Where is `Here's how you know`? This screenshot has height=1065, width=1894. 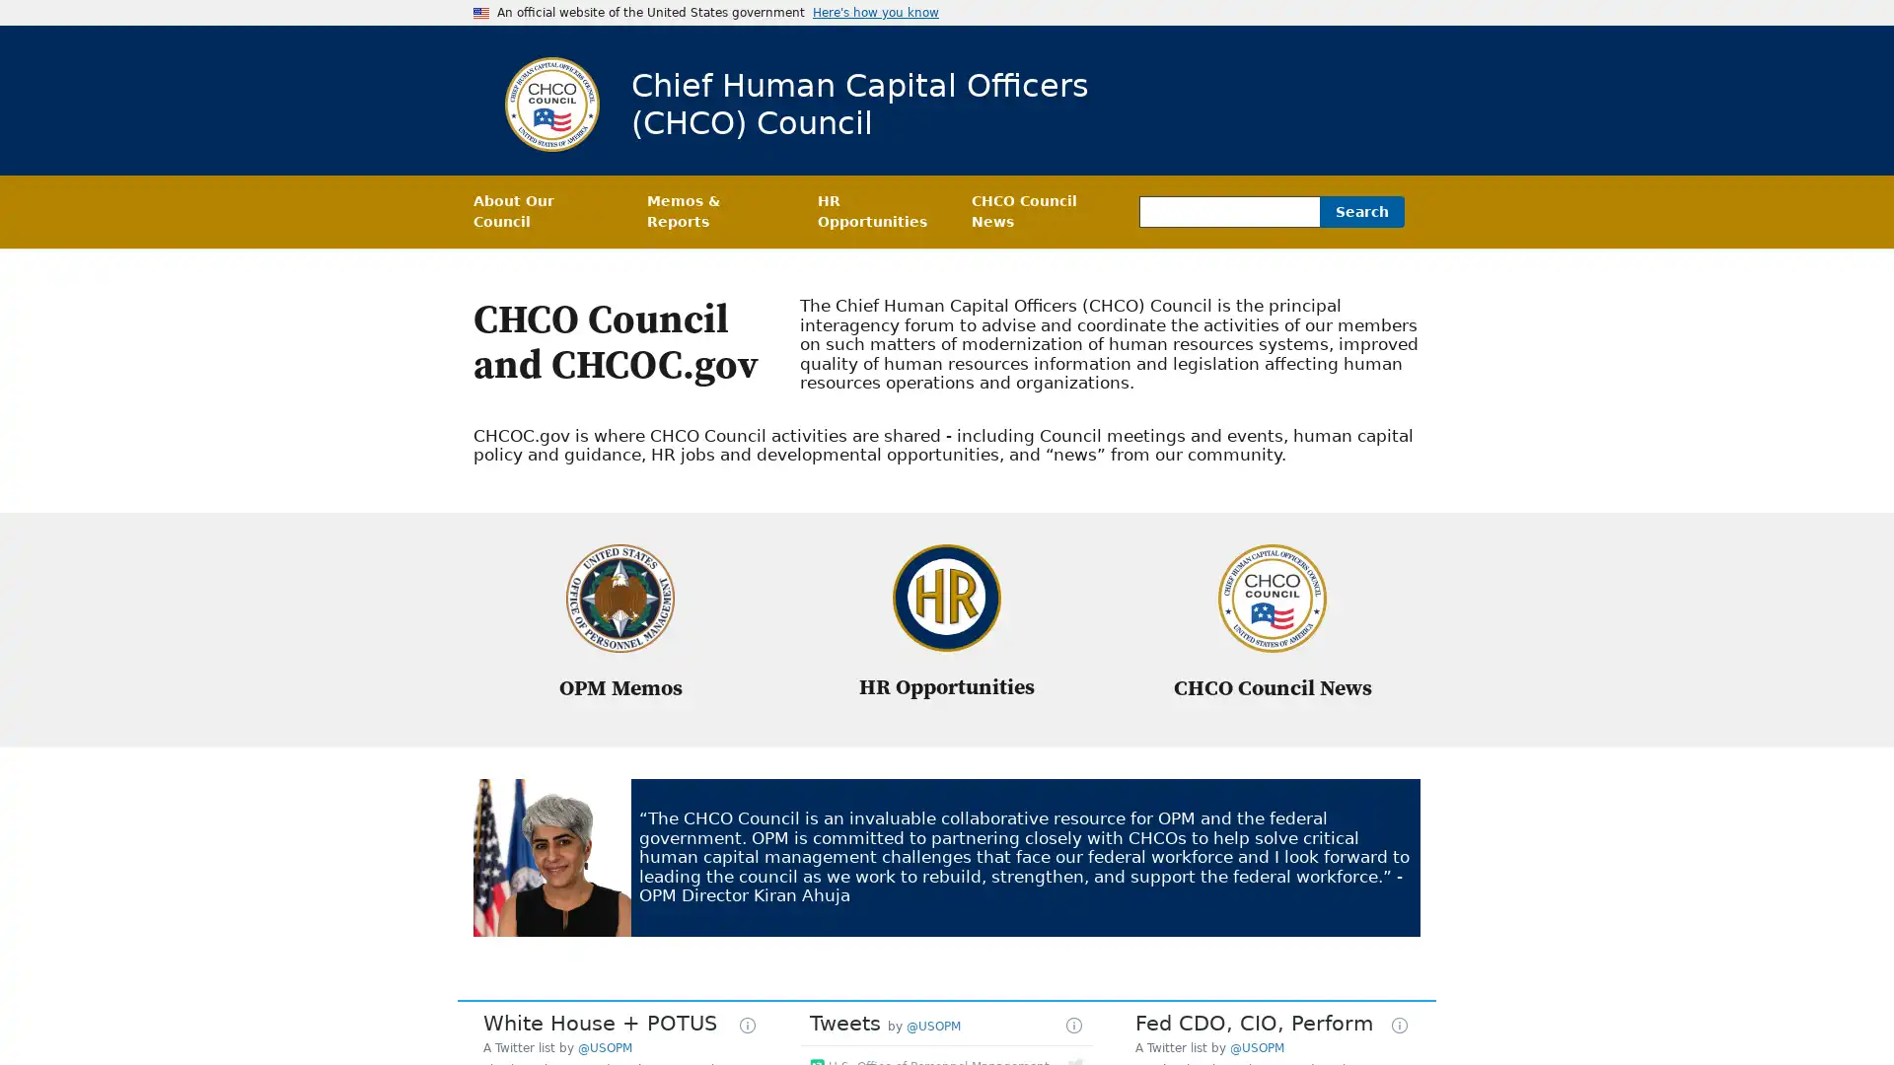 Here's how you know is located at coordinates (875, 12).